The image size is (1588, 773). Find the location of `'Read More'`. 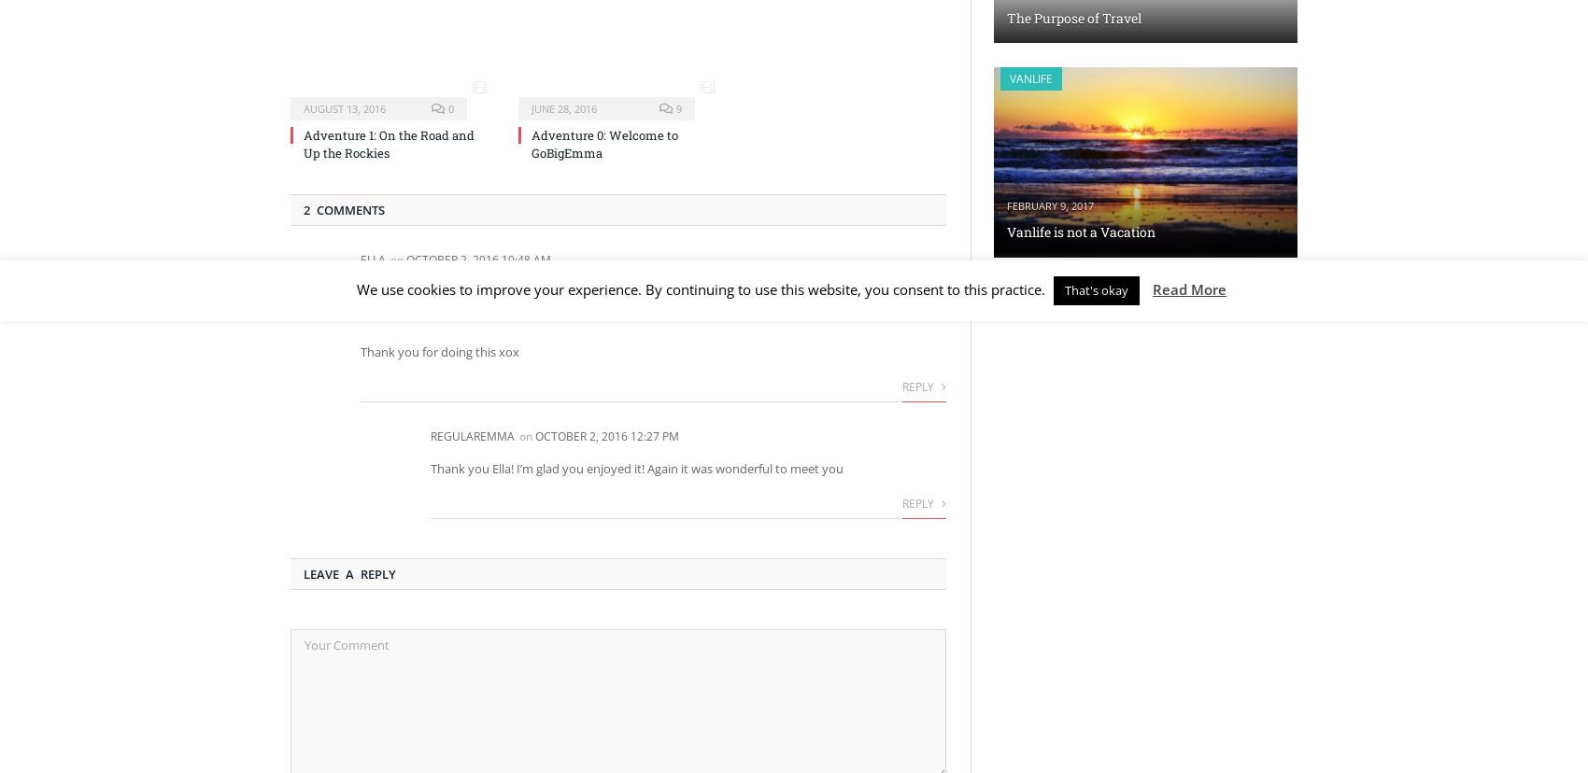

'Read More' is located at coordinates (1152, 289).